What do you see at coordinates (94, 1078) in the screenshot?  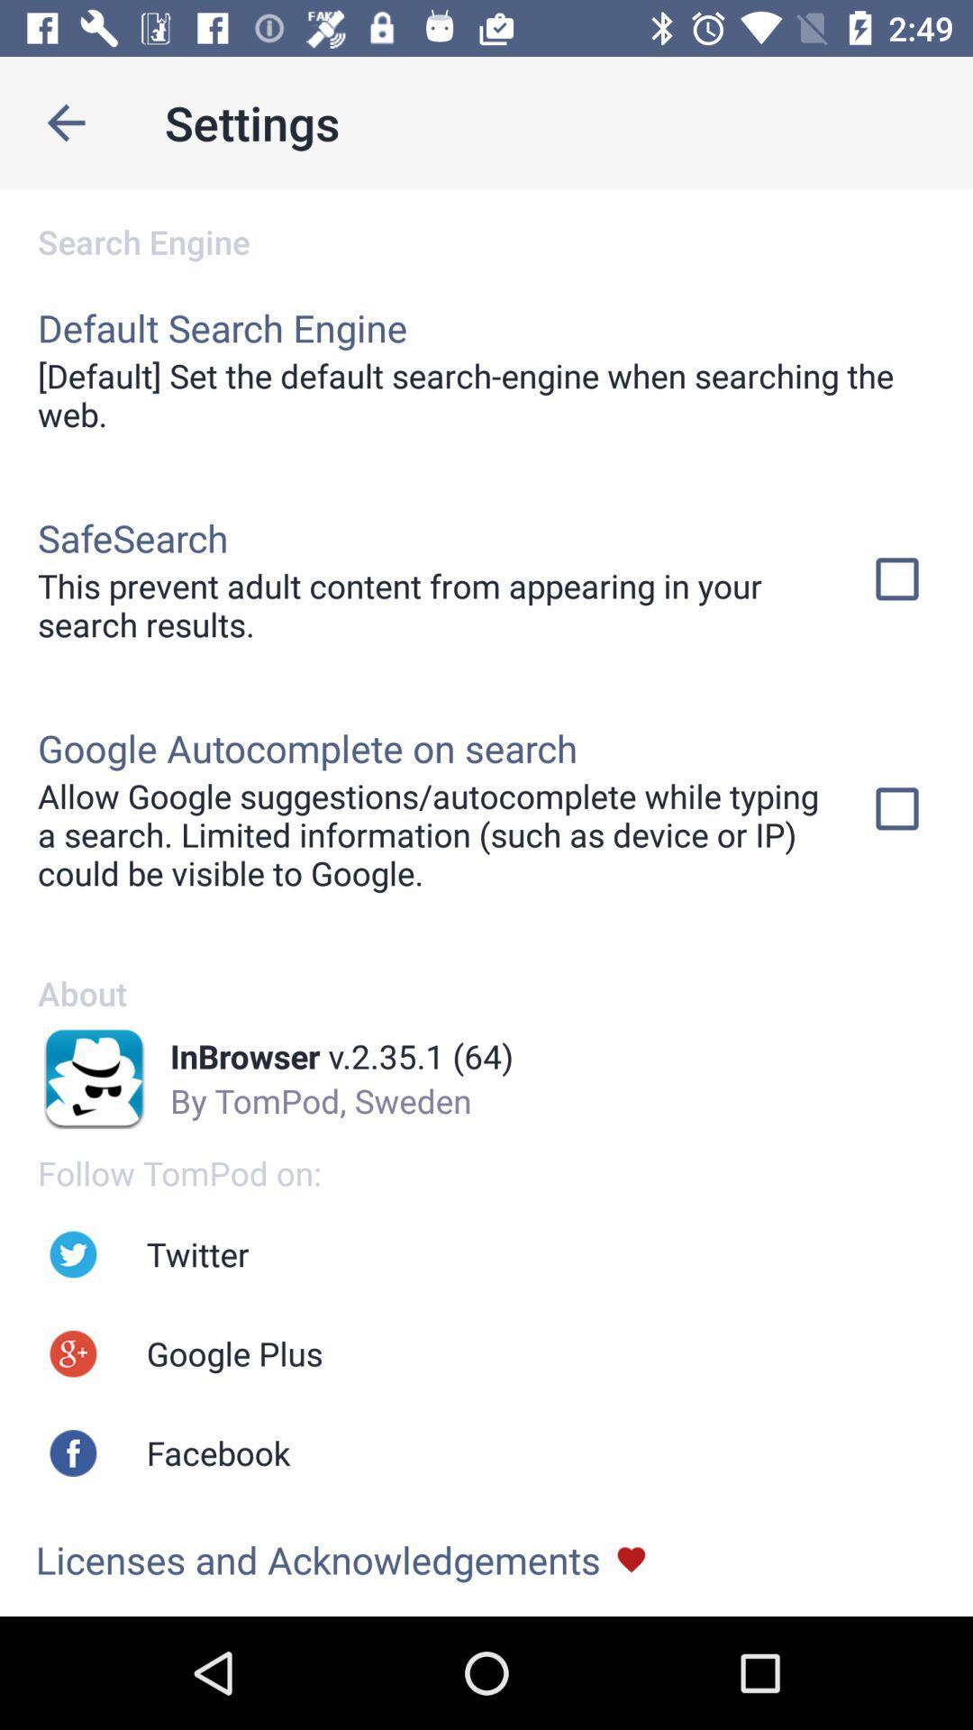 I see `the logo beside the text inbrowser` at bounding box center [94, 1078].